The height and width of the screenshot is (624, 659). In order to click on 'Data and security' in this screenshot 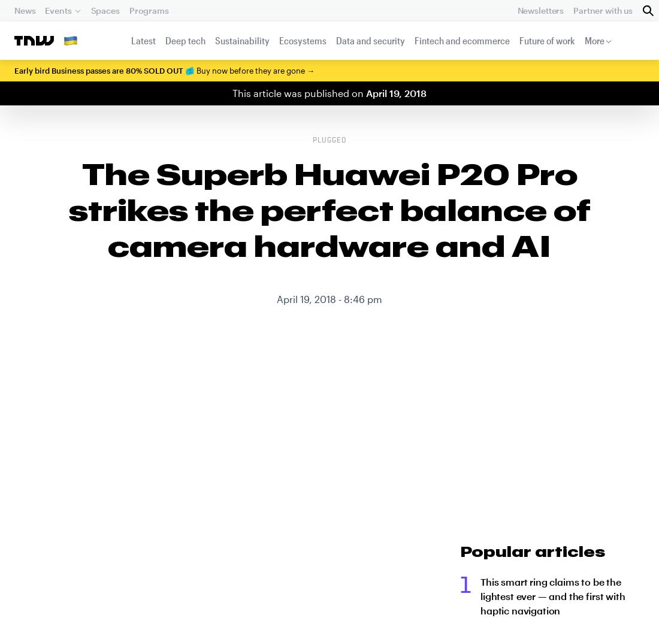, I will do `click(369, 40)`.